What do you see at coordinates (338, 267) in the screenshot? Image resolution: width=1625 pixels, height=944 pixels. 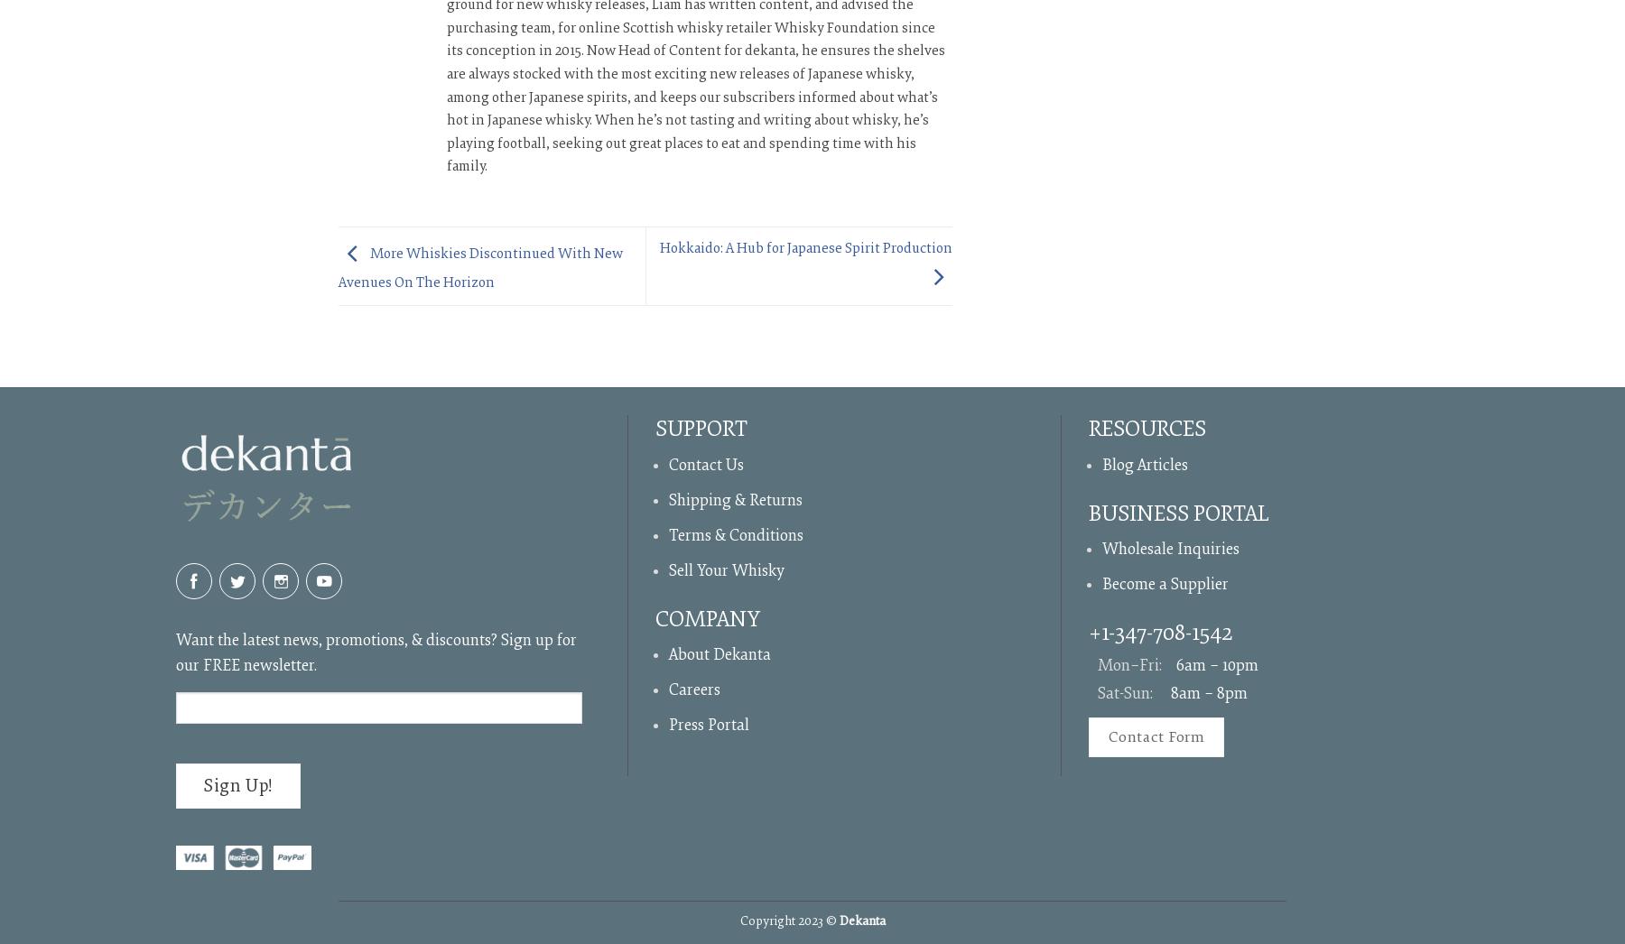 I see `'More Whiskies Discontinued With New Avenues On The Horizon'` at bounding box center [338, 267].